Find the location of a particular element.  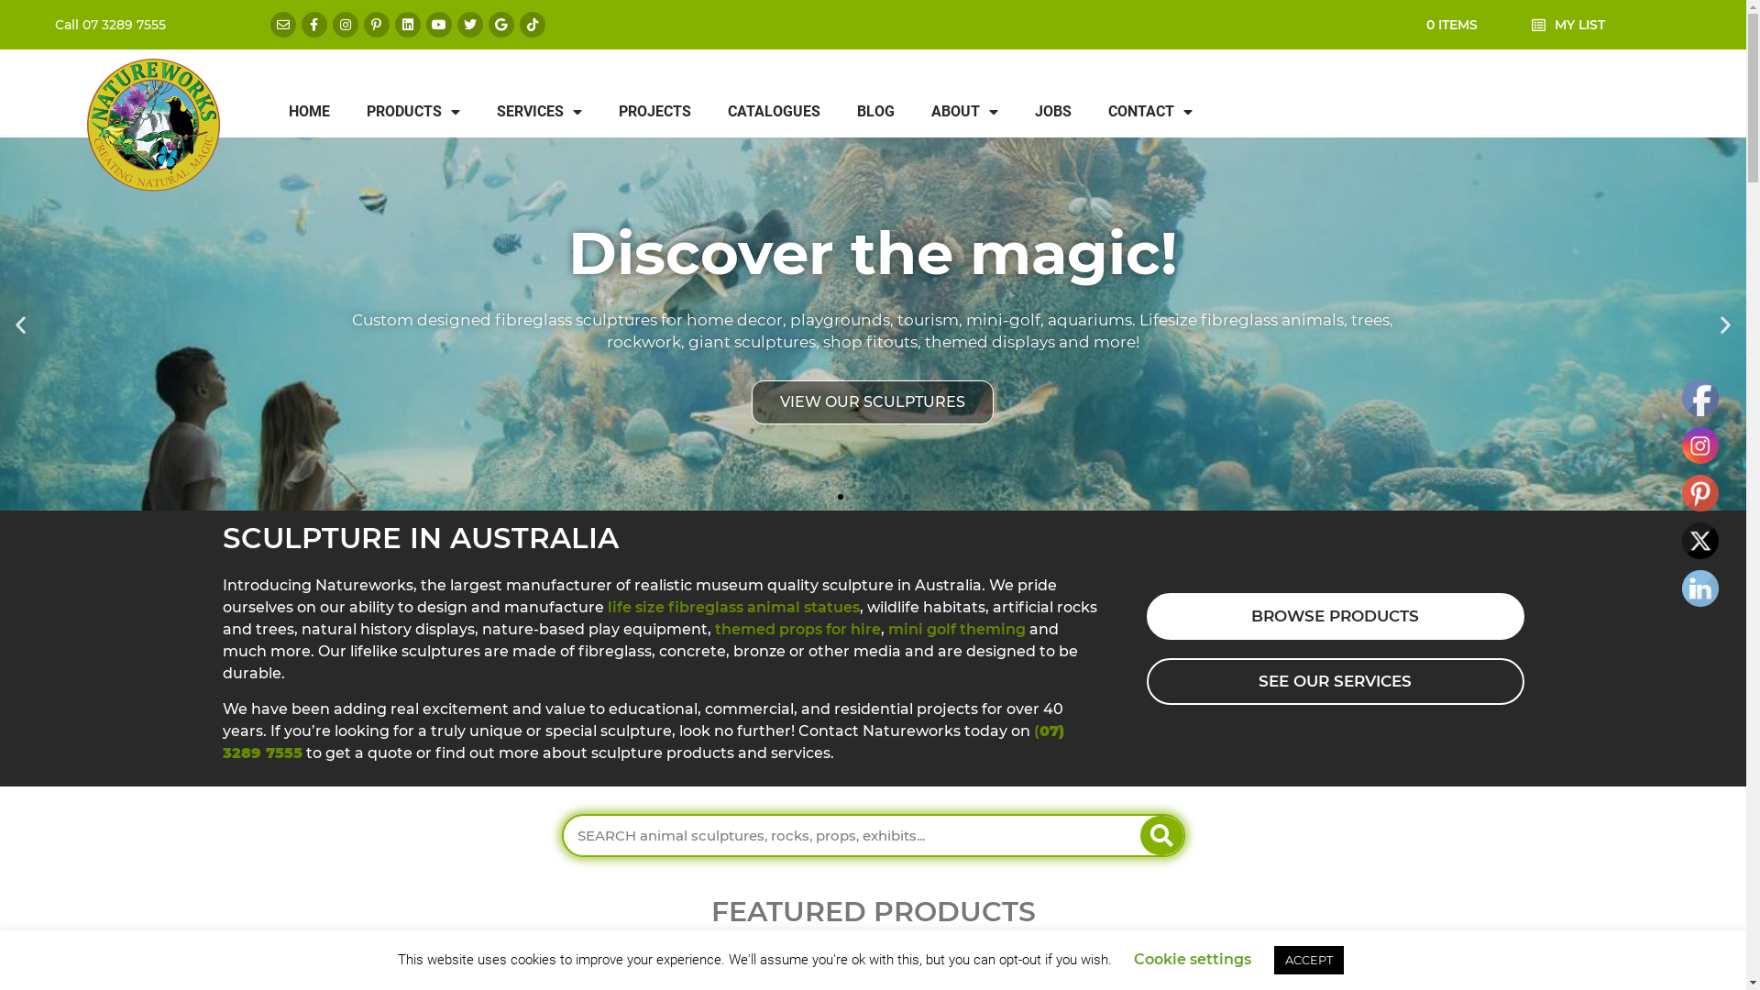

'VIEW OUR SCULPTURES' is located at coordinates (871, 401).